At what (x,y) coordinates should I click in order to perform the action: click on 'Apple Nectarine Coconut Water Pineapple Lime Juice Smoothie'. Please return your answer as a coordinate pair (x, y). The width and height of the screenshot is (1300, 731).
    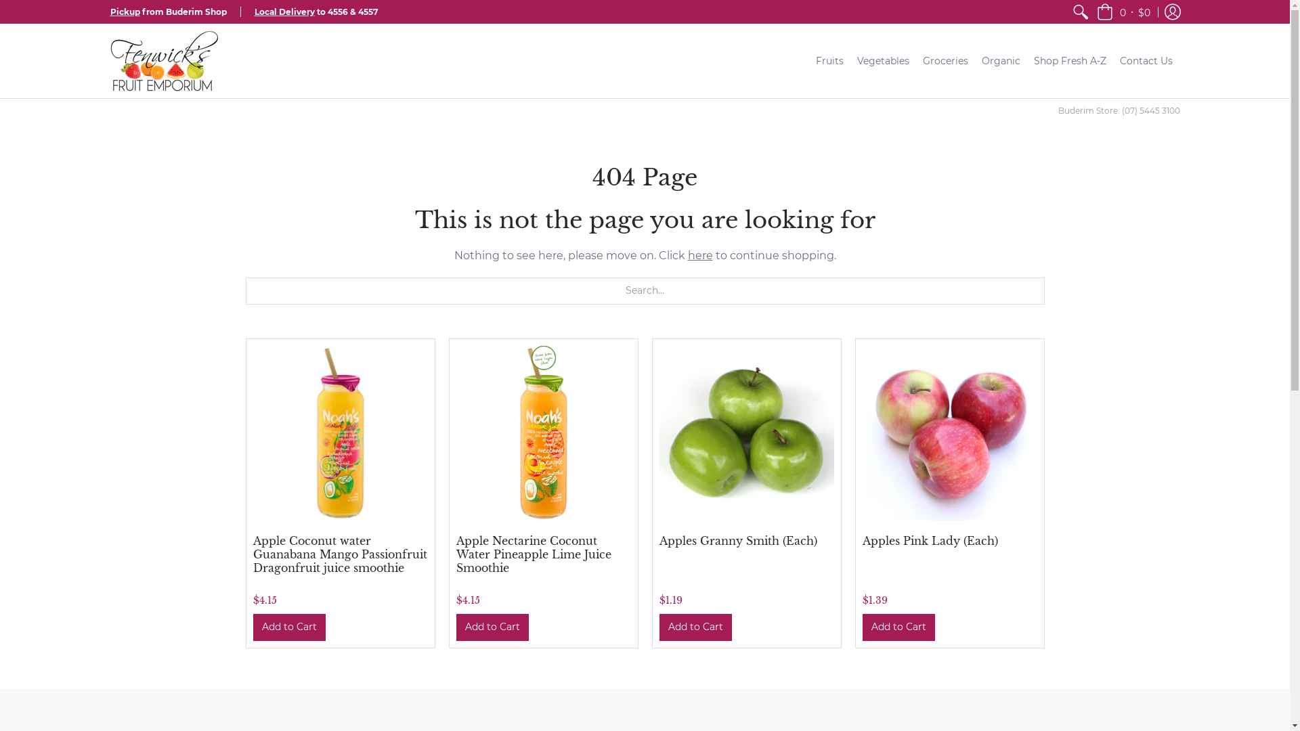
    Looking at the image, I should click on (533, 554).